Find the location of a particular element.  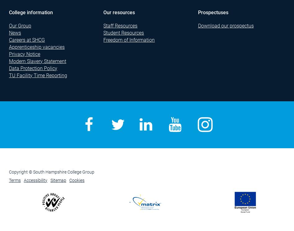

'Download our prospectus' is located at coordinates (225, 25).